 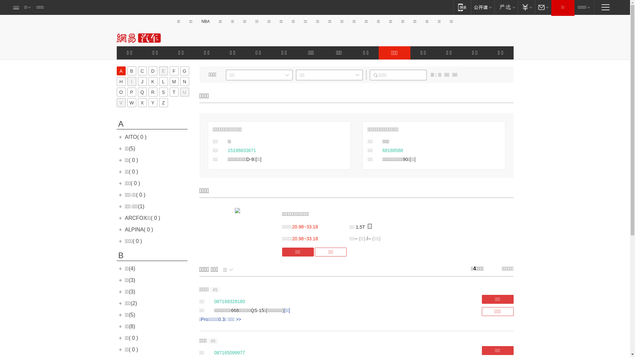 What do you see at coordinates (125, 229) in the screenshot?
I see `'ALPINA( 0 )'` at bounding box center [125, 229].